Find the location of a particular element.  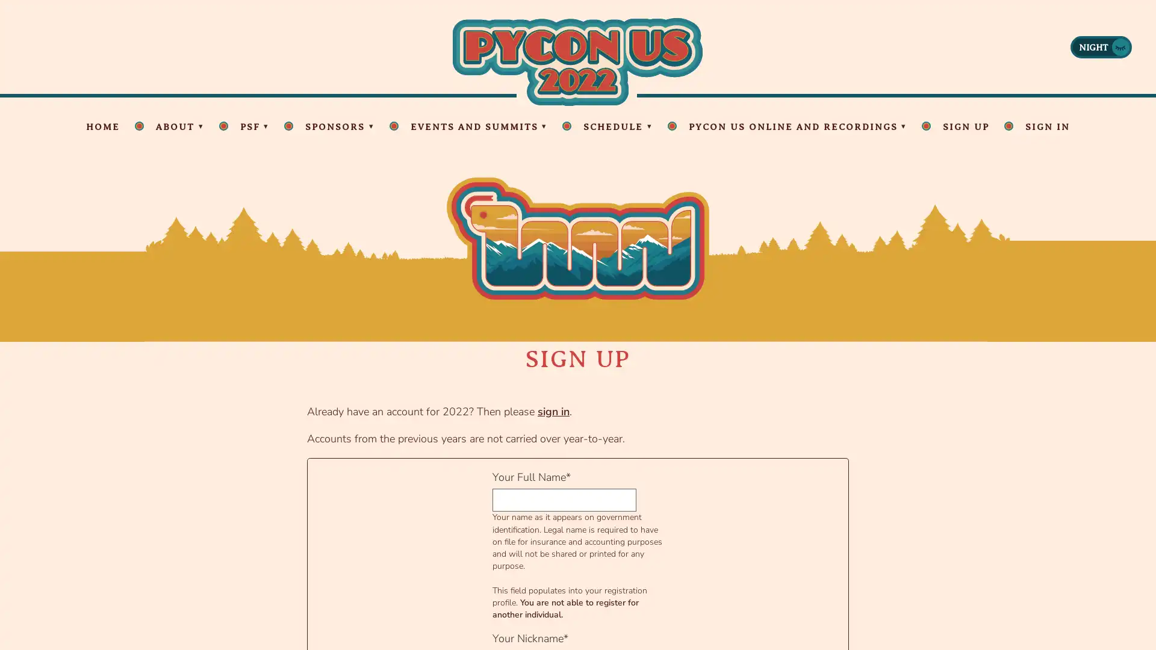

NIGHT is located at coordinates (1101, 46).